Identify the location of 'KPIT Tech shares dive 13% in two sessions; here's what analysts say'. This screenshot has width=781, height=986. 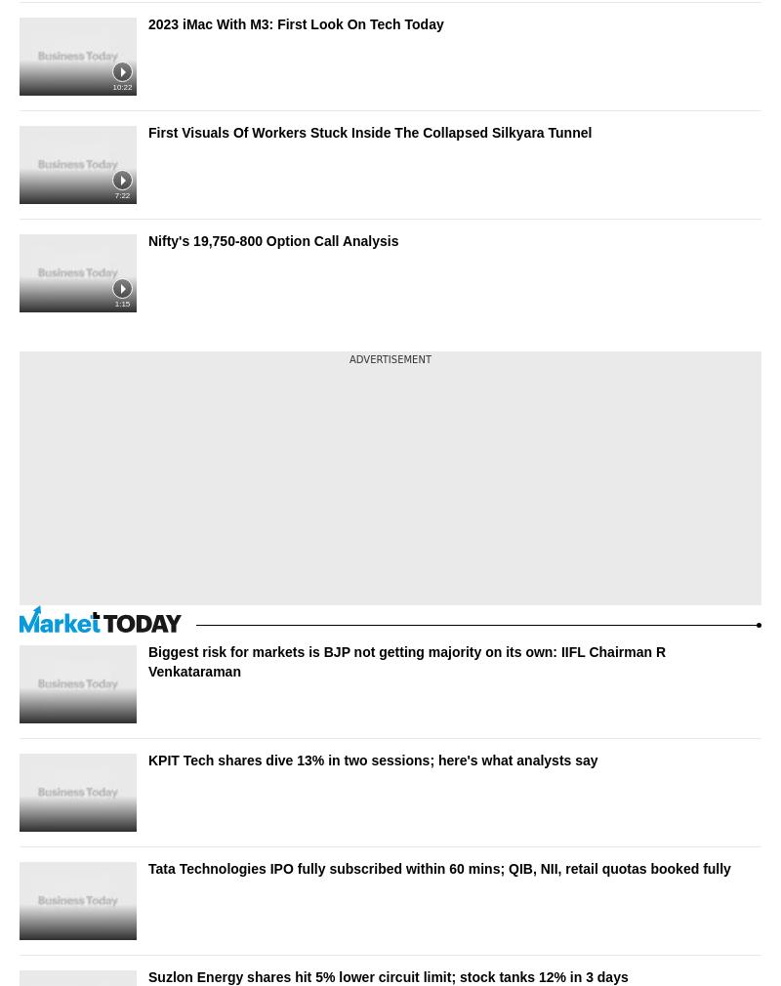
(372, 760).